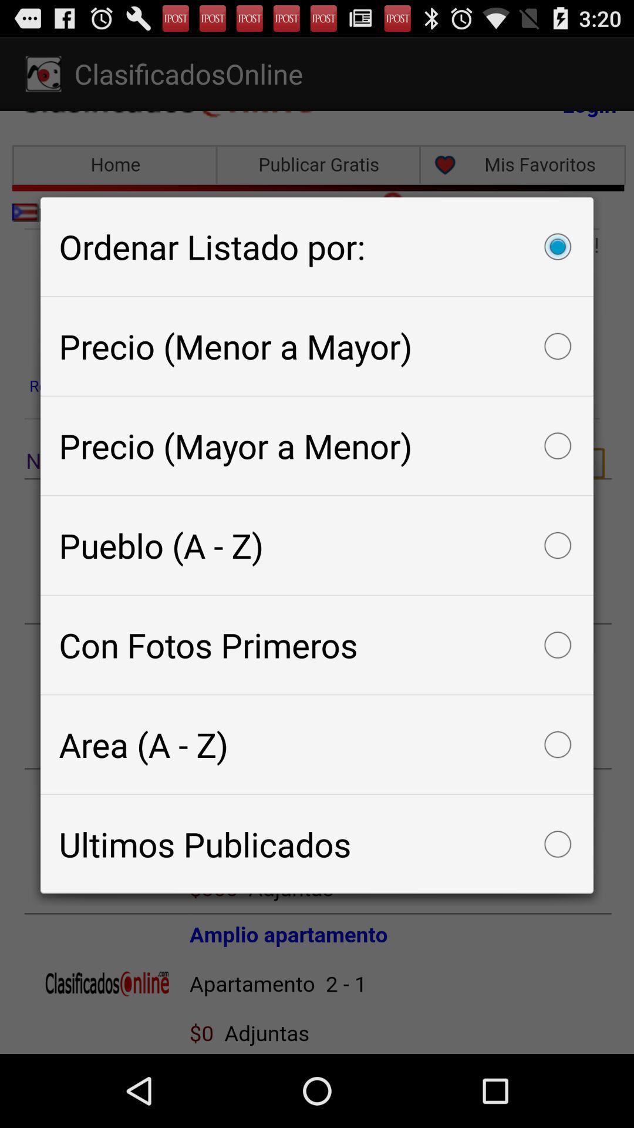  What do you see at coordinates (317, 644) in the screenshot?
I see `the con fotos primeros icon` at bounding box center [317, 644].